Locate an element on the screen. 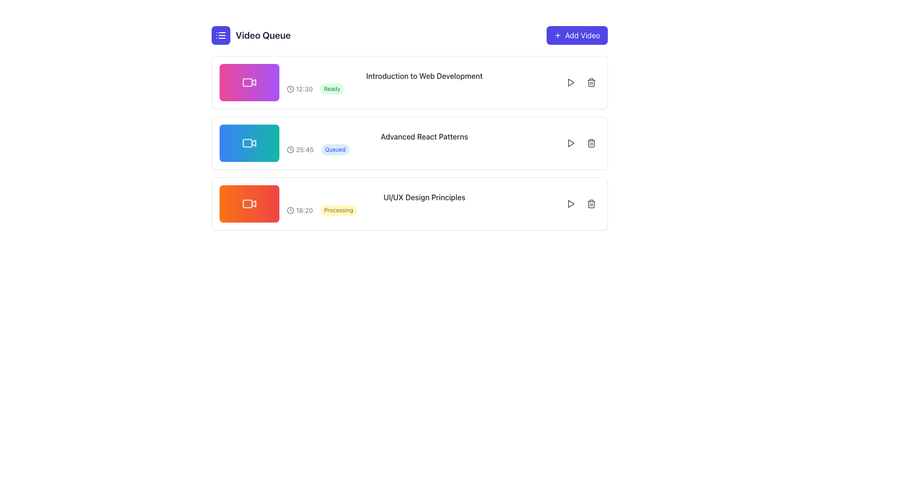 This screenshot has height=504, width=897. the time-related icon located beside the text '25:45' in the second row of the video queue layout is located at coordinates (290, 149).